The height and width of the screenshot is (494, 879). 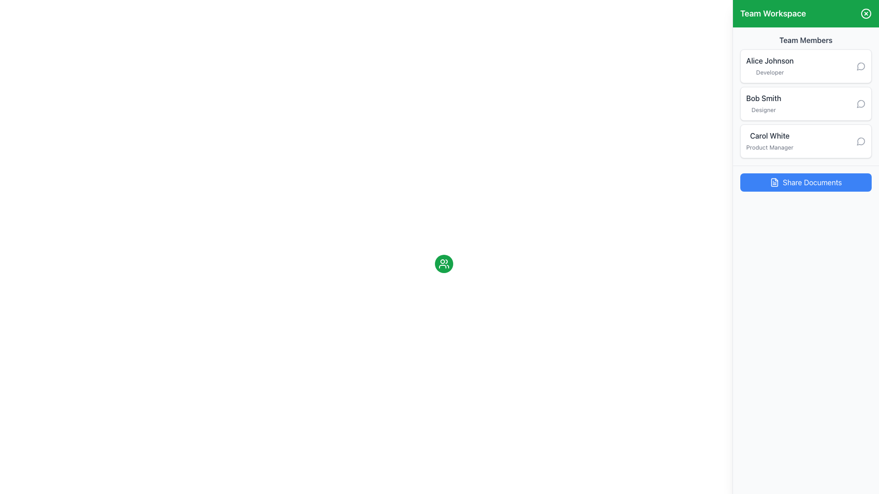 I want to click on the speech bubble icon for messaging associated with Alice Johnson in the Team Members section, so click(x=861, y=66).